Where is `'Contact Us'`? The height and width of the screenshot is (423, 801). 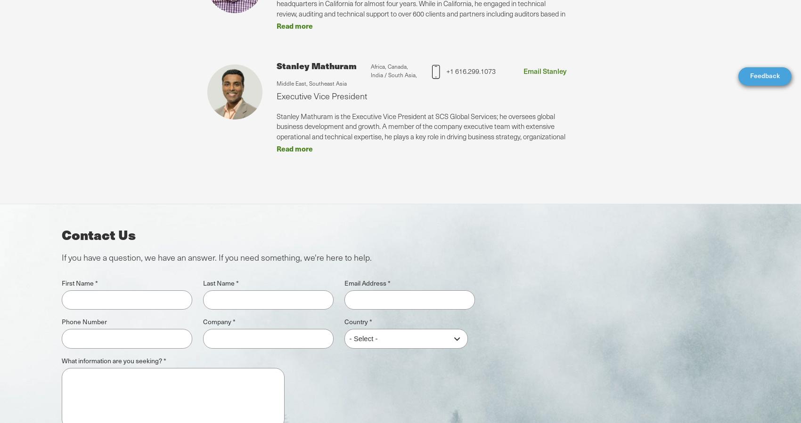
'Contact Us' is located at coordinates (98, 234).